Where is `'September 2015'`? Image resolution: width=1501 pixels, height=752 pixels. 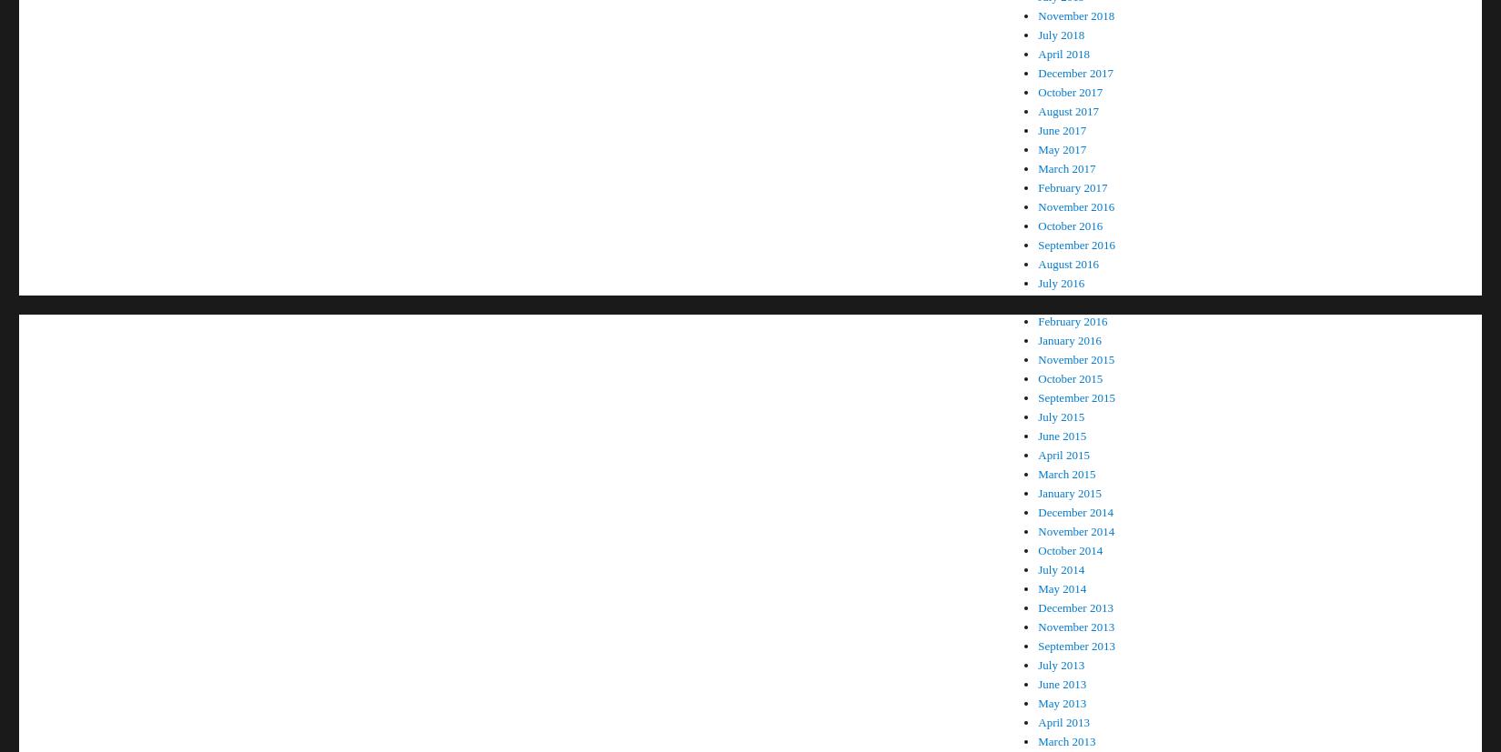 'September 2015' is located at coordinates (1076, 396).